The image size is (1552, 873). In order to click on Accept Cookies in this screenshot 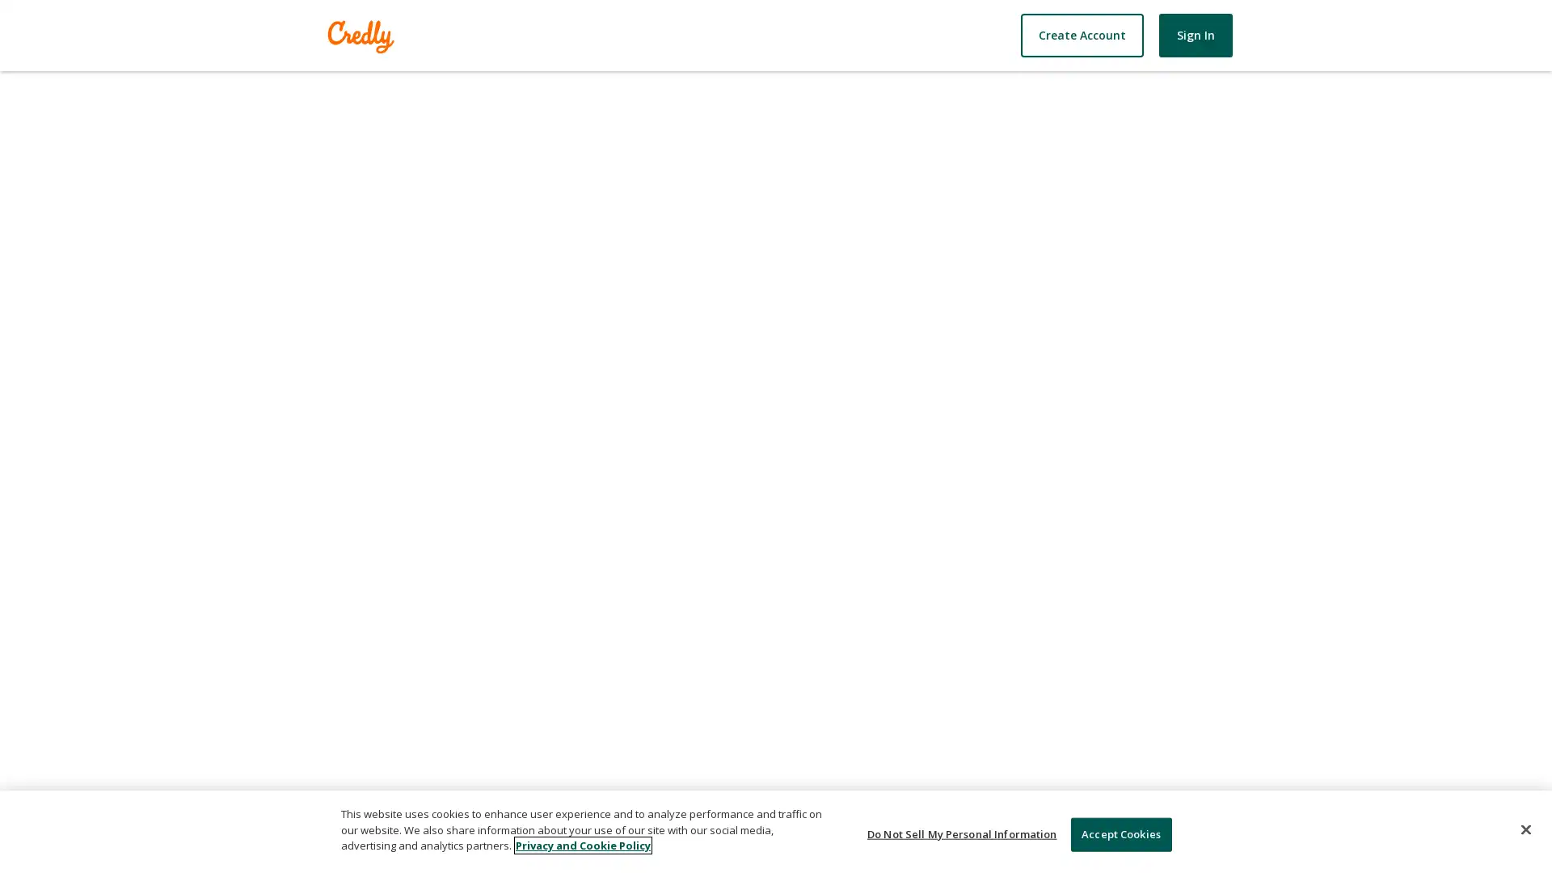, I will do `click(1120, 834)`.